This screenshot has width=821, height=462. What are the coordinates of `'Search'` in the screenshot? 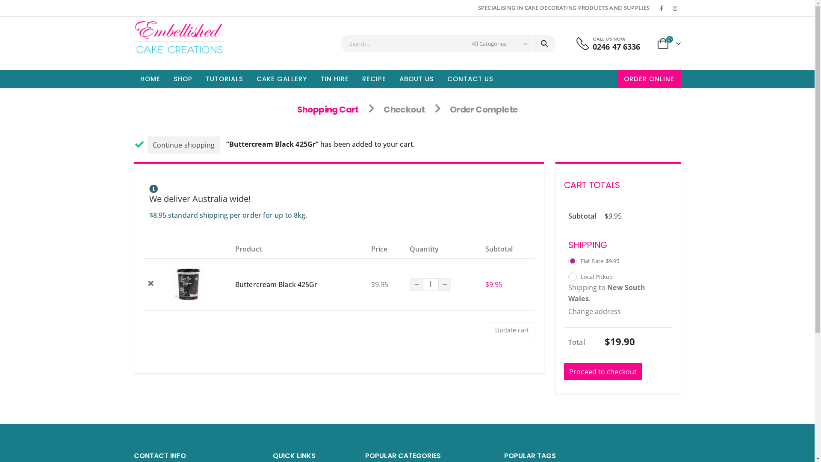 It's located at (543, 43).